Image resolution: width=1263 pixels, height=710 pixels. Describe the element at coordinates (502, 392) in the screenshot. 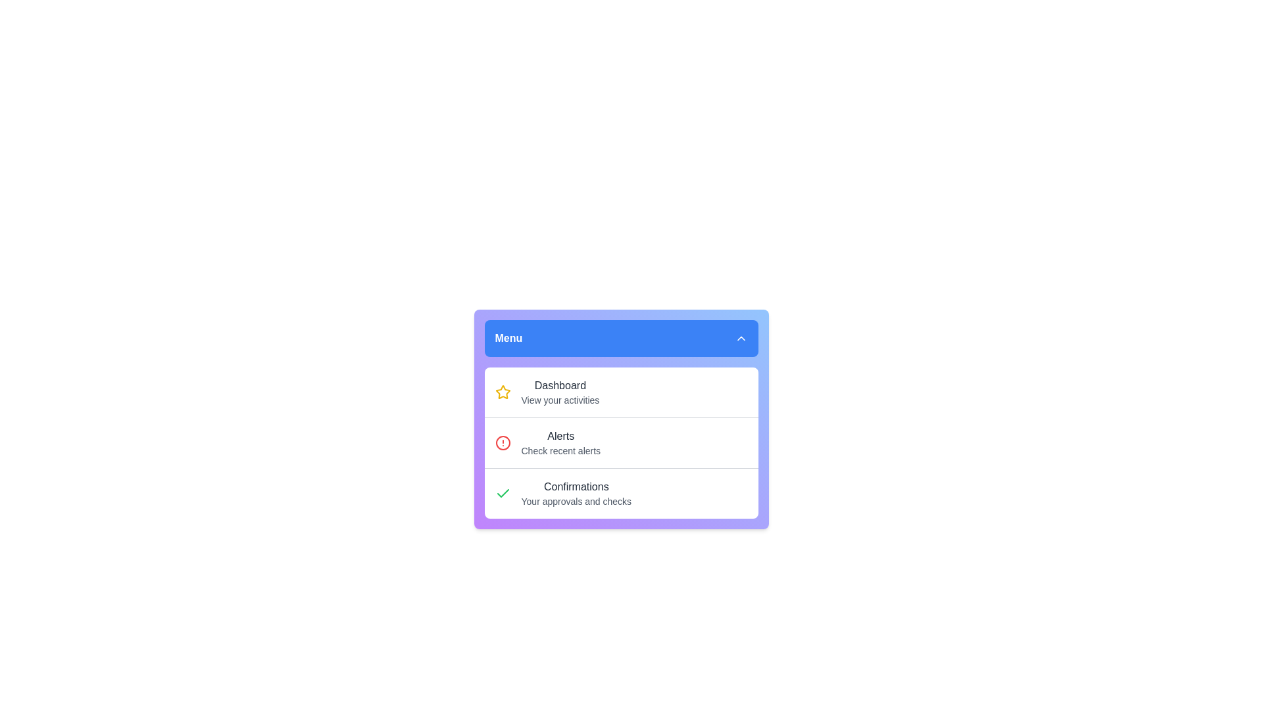

I see `the star icon located in the top-left corner of the 'Dashboard' menu row to acknowledge its significance` at that location.